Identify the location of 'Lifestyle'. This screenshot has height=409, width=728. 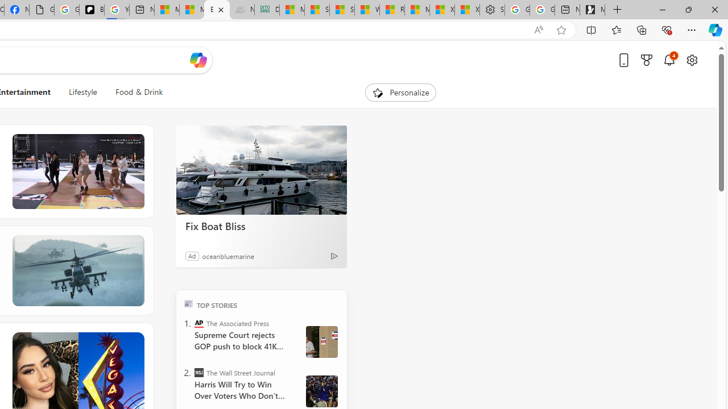
(82, 92).